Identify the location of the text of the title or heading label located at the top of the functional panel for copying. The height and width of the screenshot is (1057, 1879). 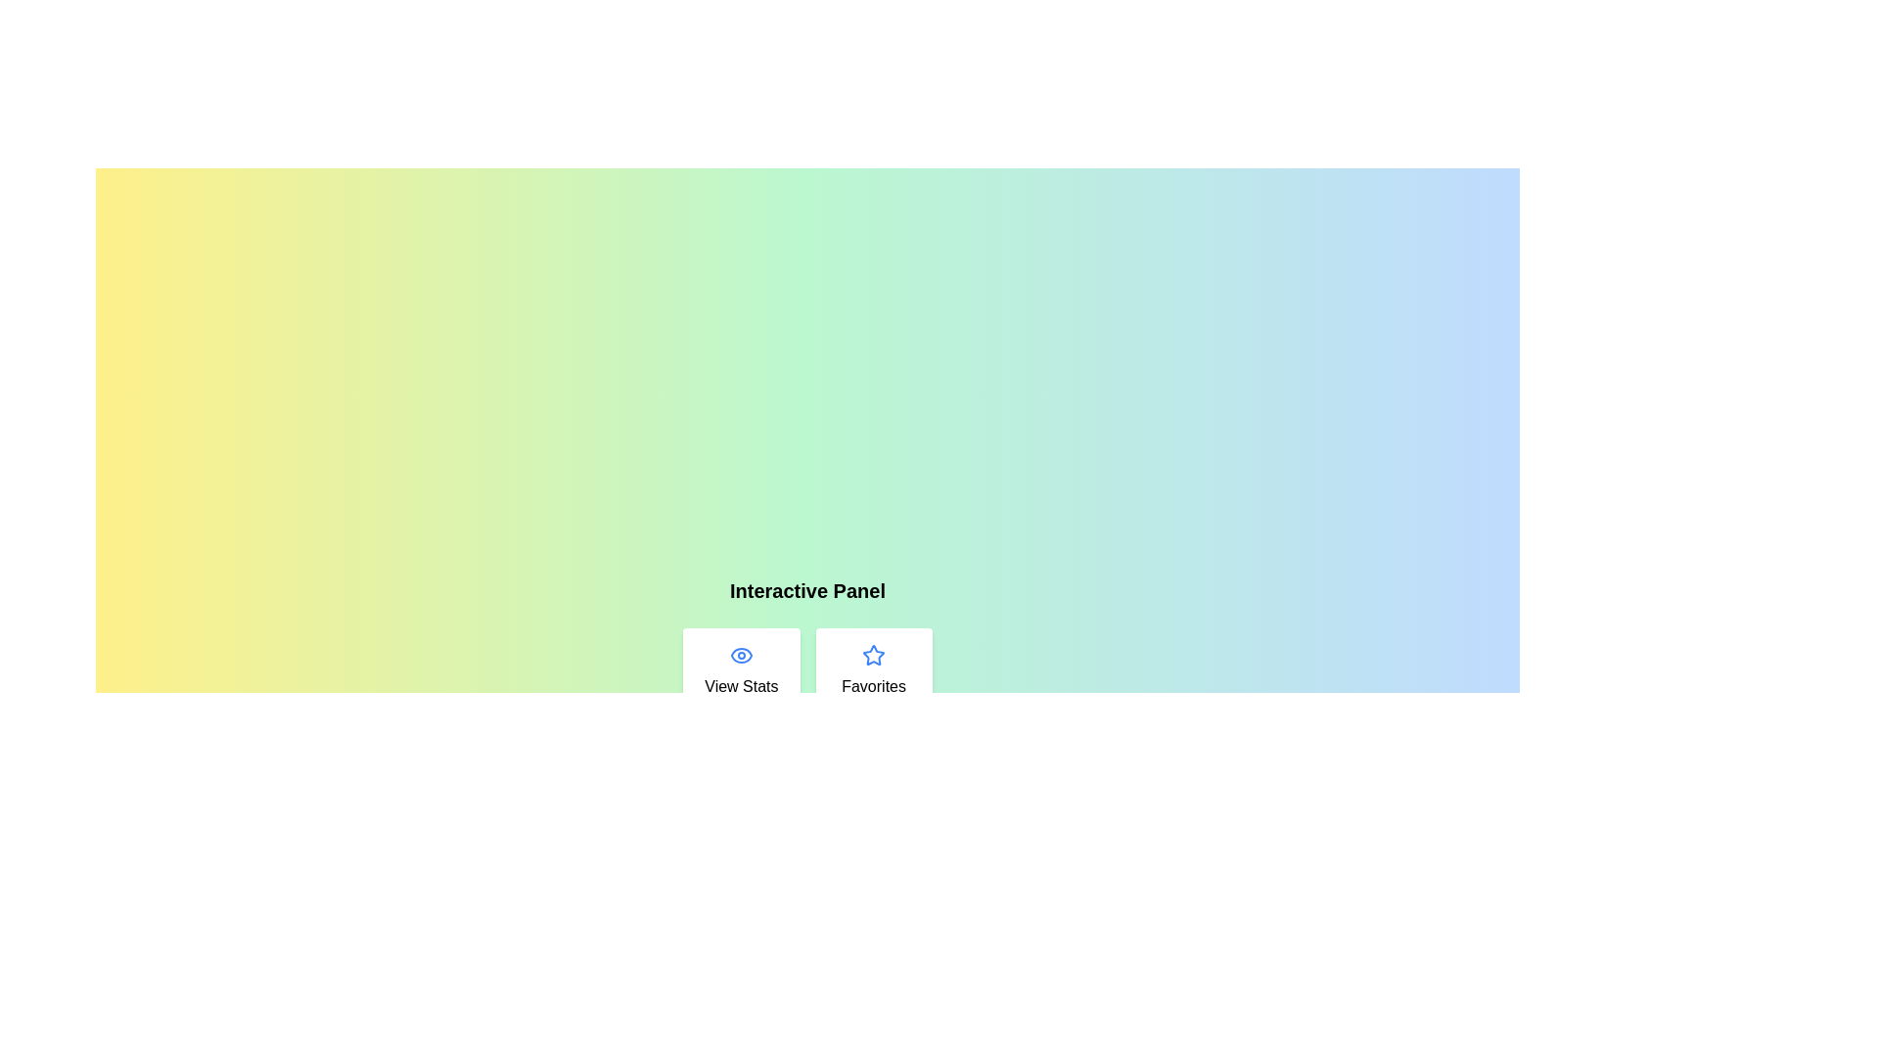
(807, 590).